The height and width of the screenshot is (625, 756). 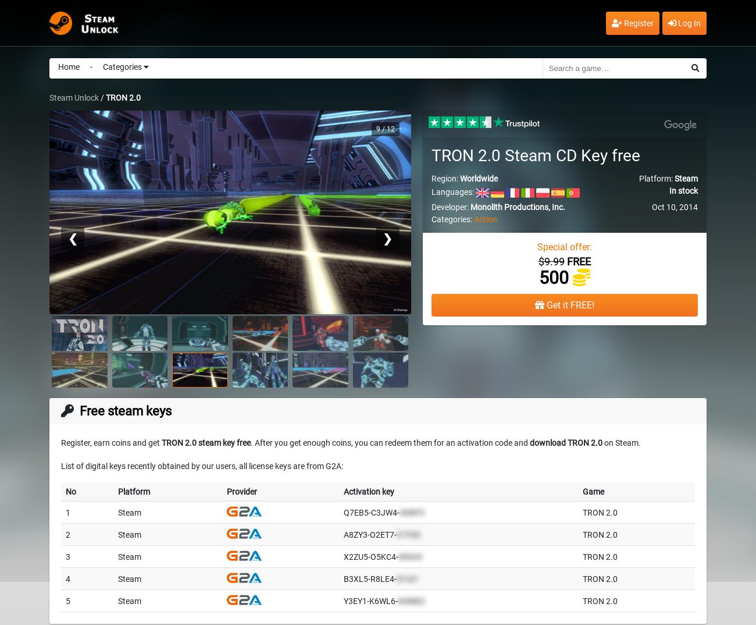 I want to click on 'D1UI1', so click(x=406, y=577).